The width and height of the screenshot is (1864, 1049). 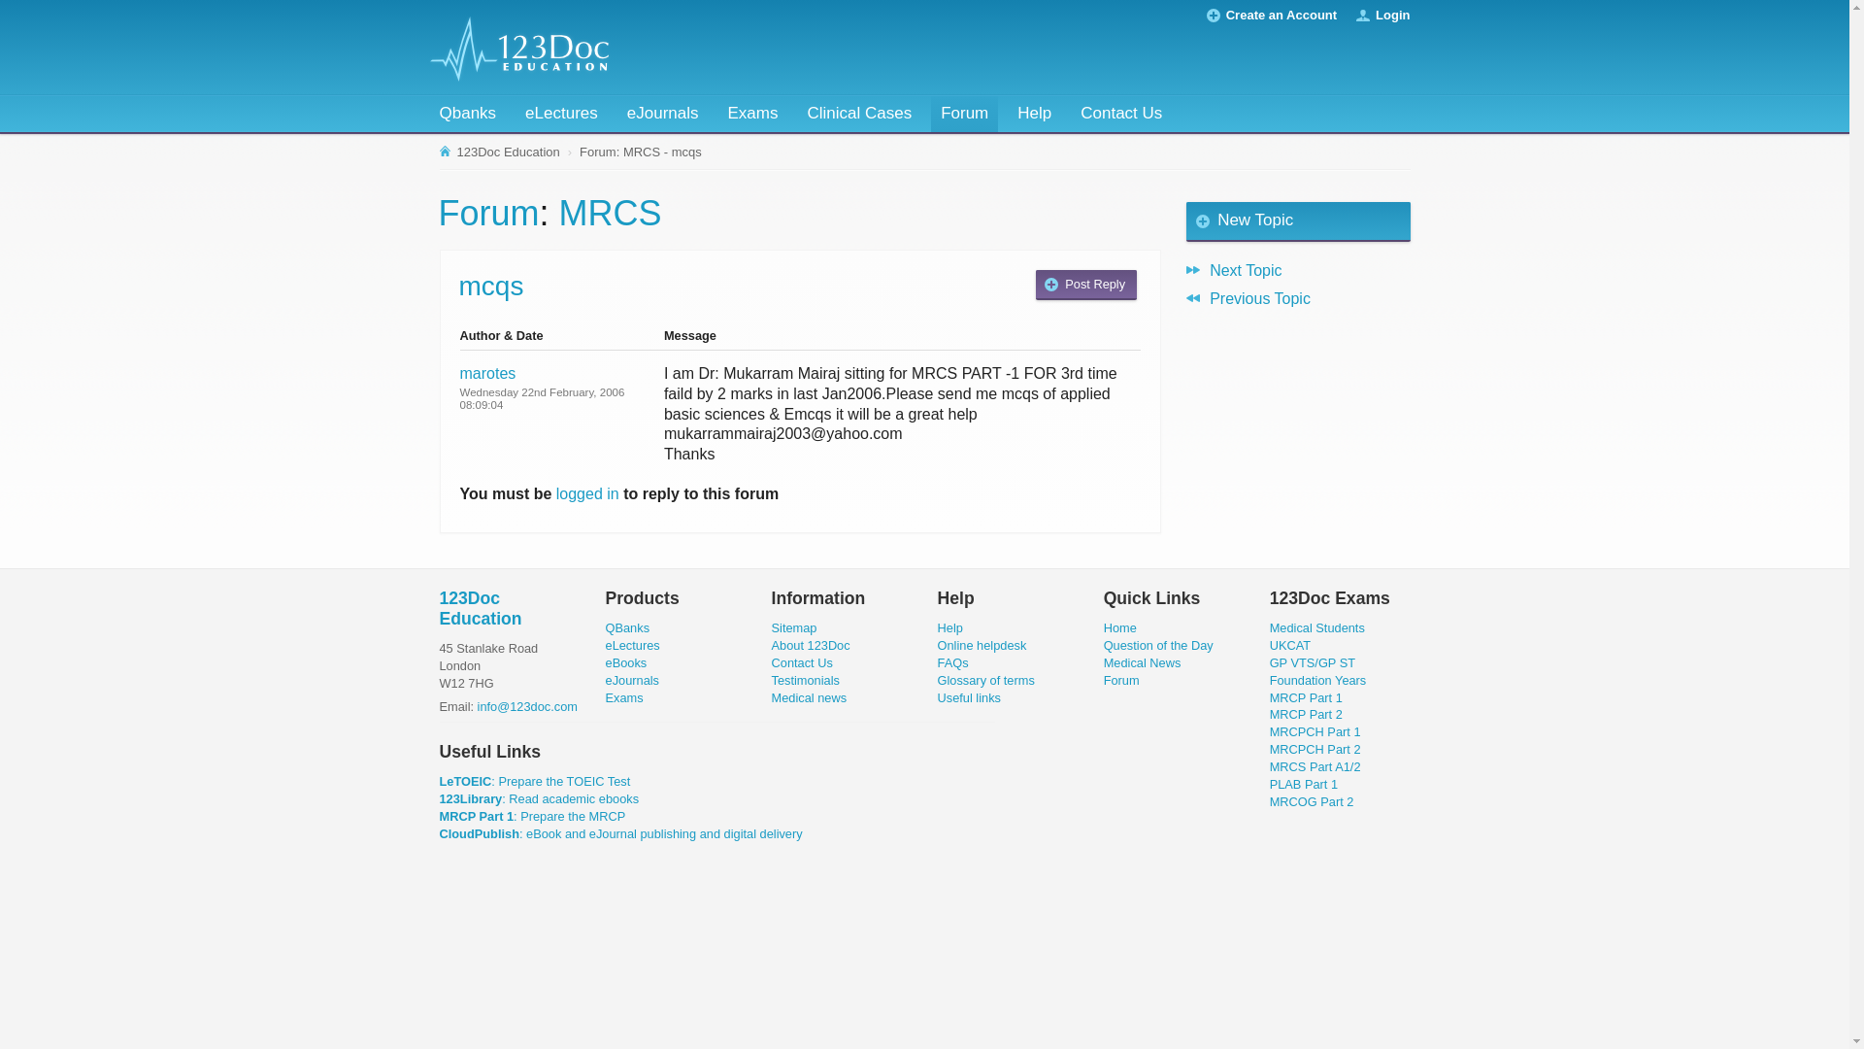 I want to click on 'eLectures', so click(x=633, y=645).